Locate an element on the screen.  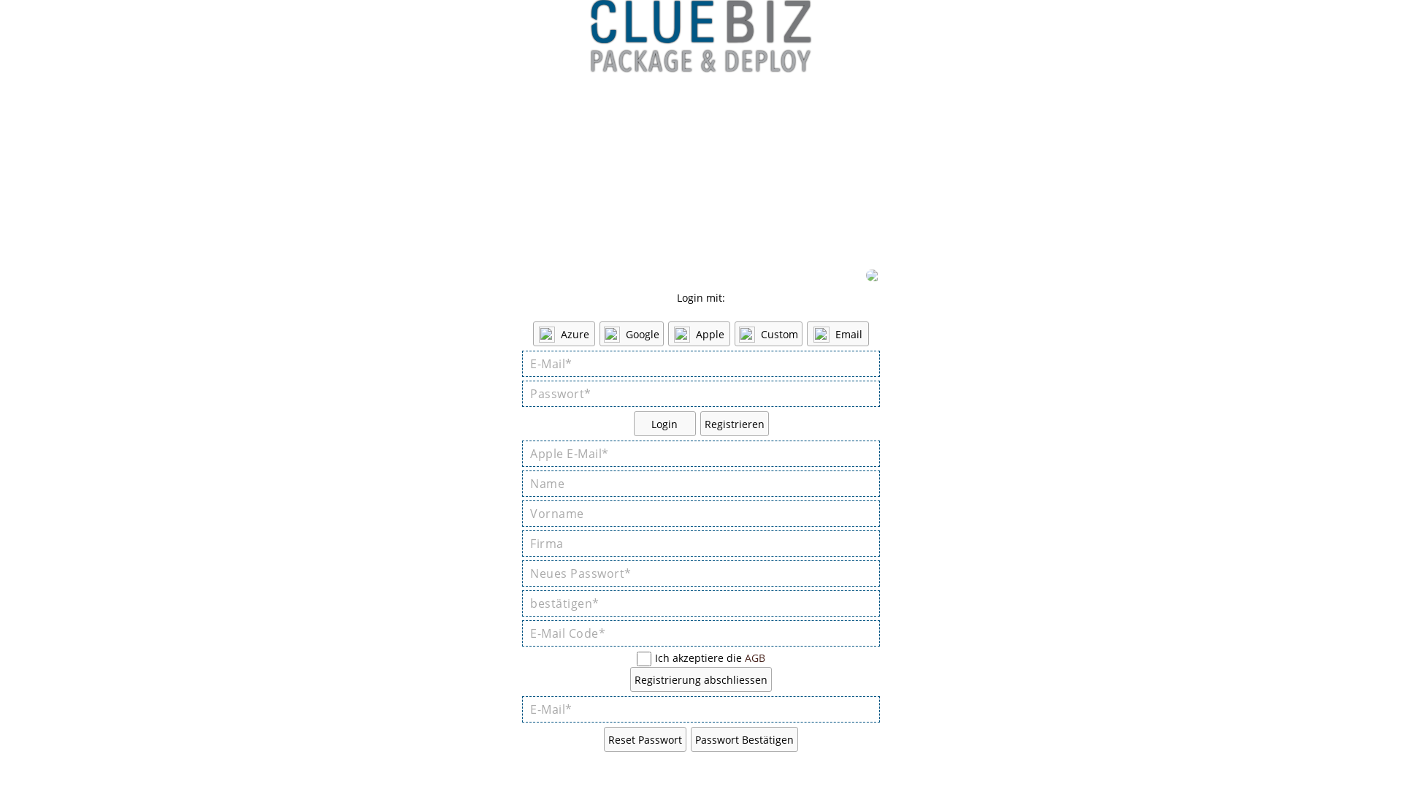
'AGB' is located at coordinates (754, 657).